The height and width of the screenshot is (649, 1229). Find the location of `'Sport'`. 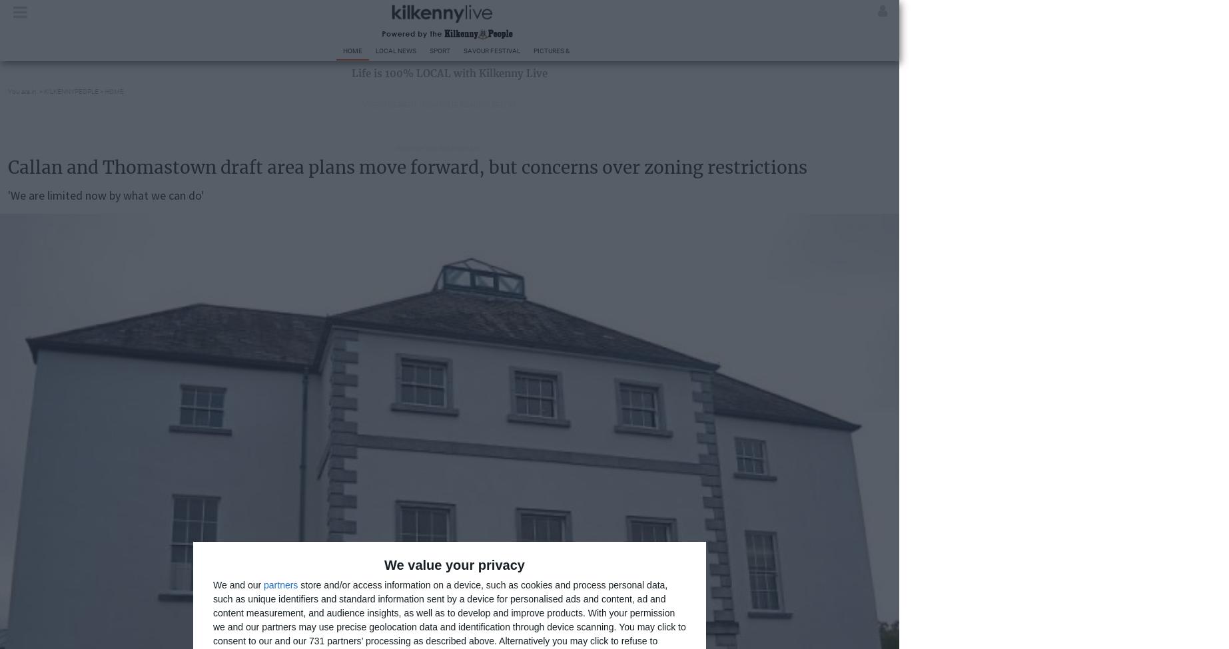

'Sport' is located at coordinates (440, 51).